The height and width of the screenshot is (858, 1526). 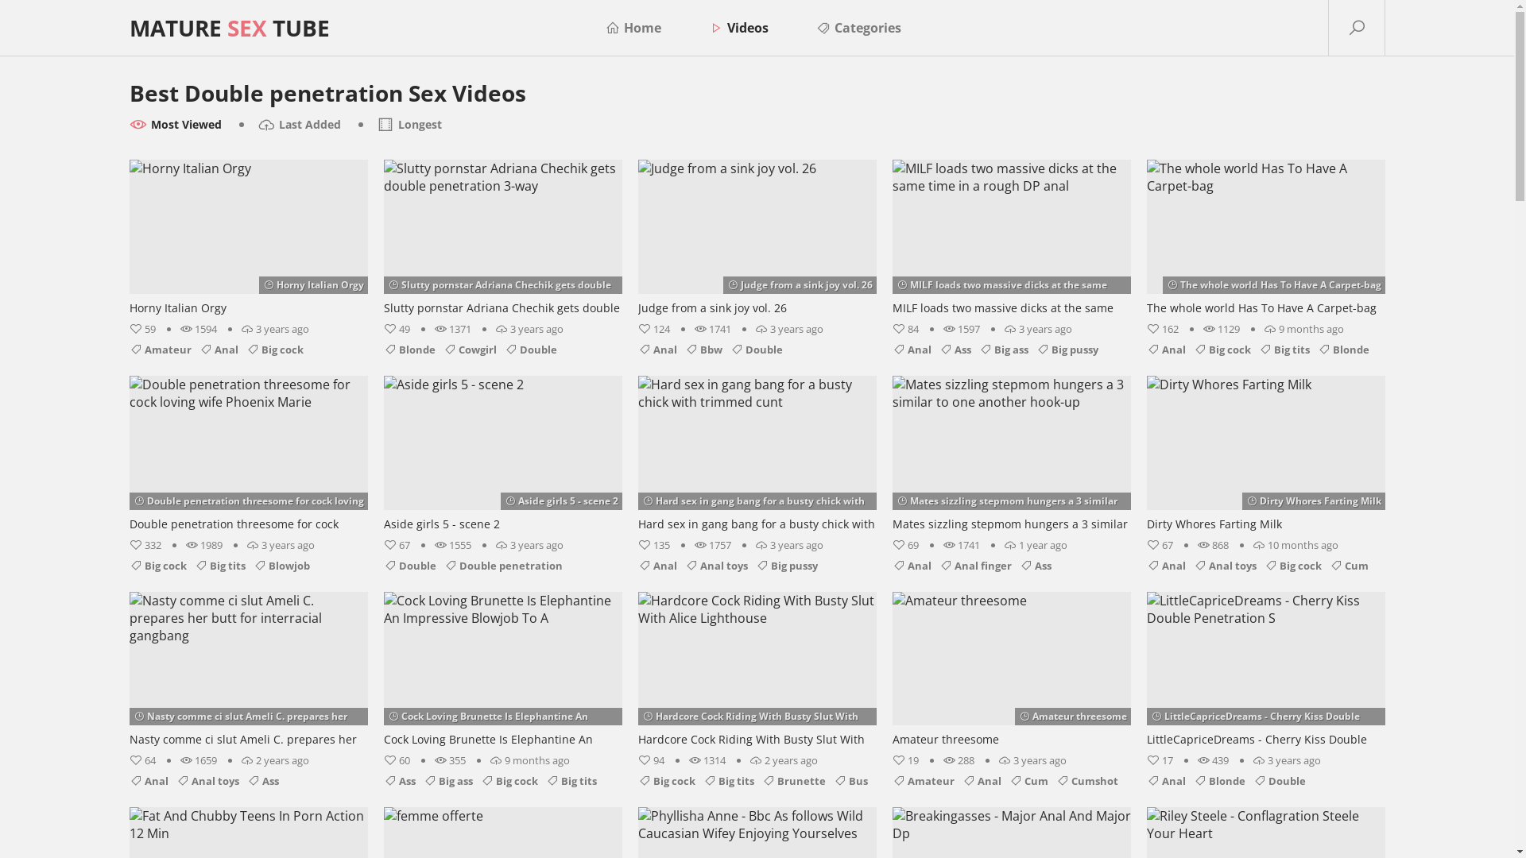 I want to click on 'Big cock', so click(x=274, y=348).